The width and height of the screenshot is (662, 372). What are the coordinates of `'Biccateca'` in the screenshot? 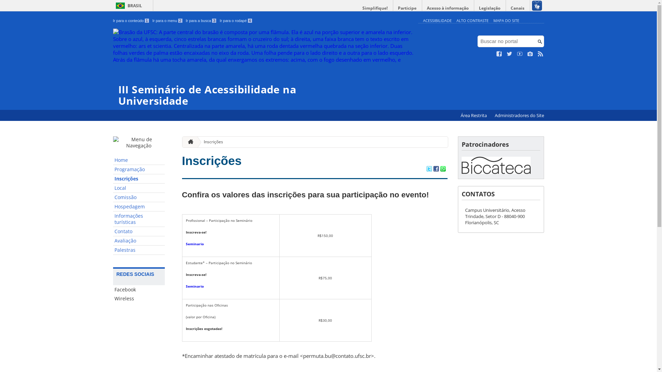 It's located at (495, 165).